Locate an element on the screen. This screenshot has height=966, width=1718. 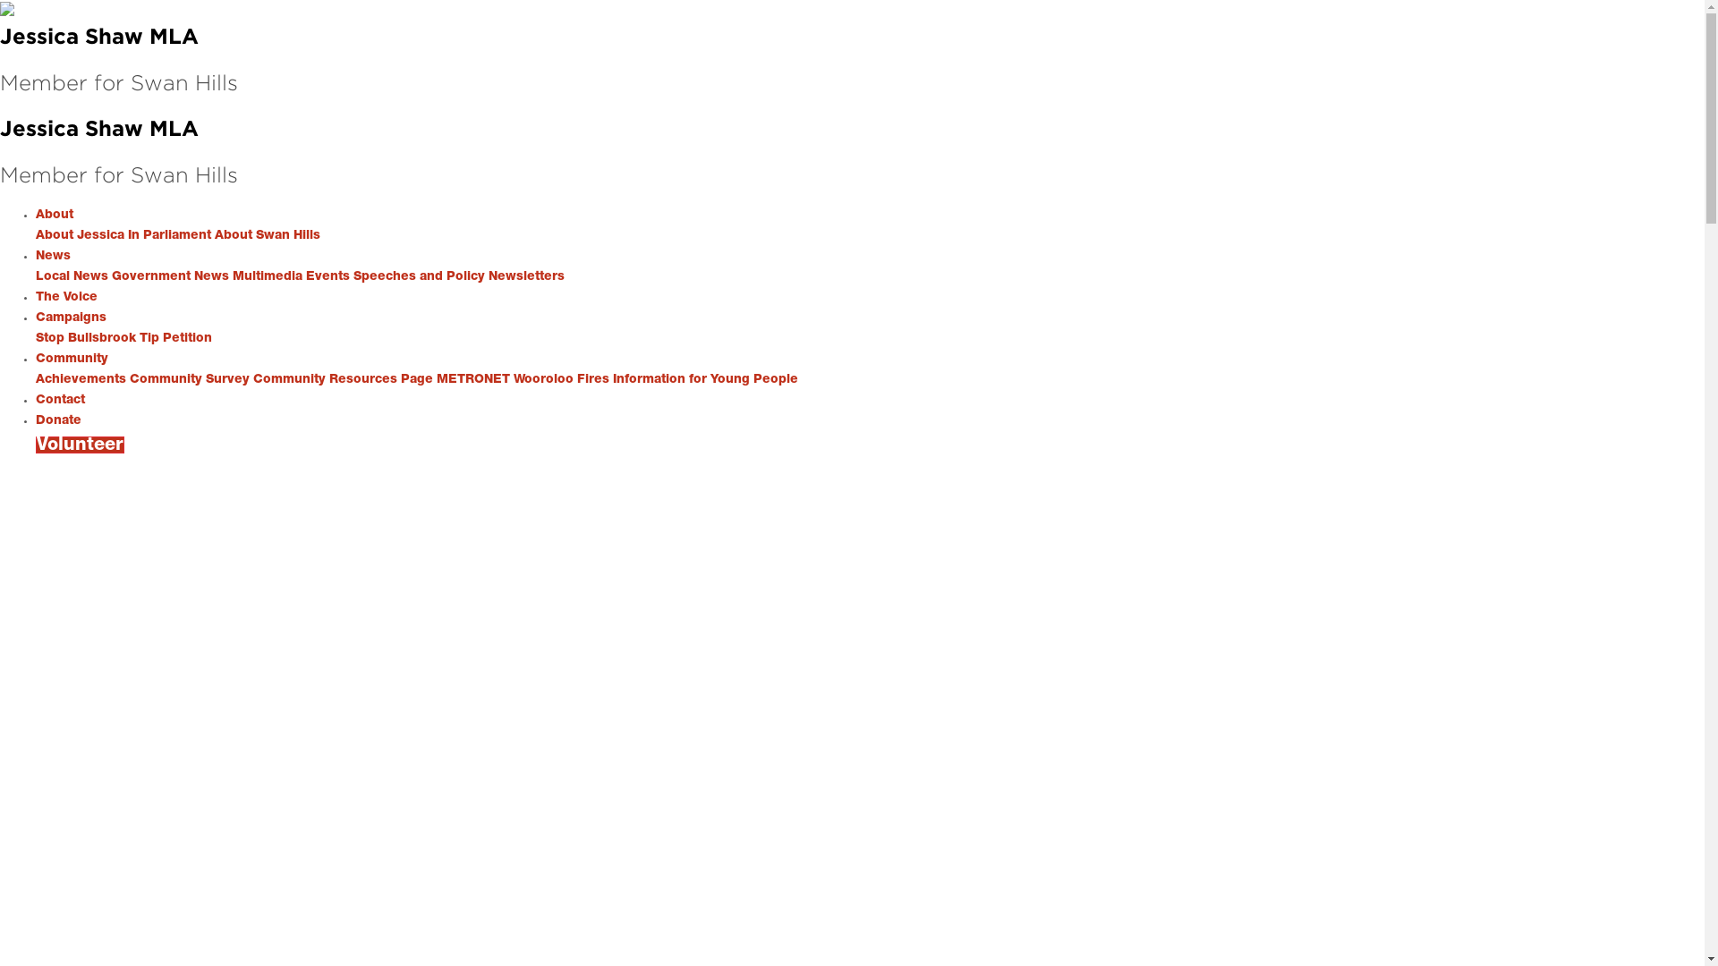
'Donate' is located at coordinates (58, 420).